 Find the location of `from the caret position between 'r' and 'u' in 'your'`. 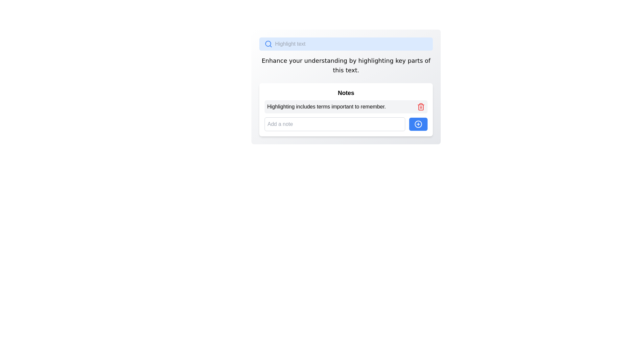

from the caret position between 'r' and 'u' in 'your' is located at coordinates (303, 60).